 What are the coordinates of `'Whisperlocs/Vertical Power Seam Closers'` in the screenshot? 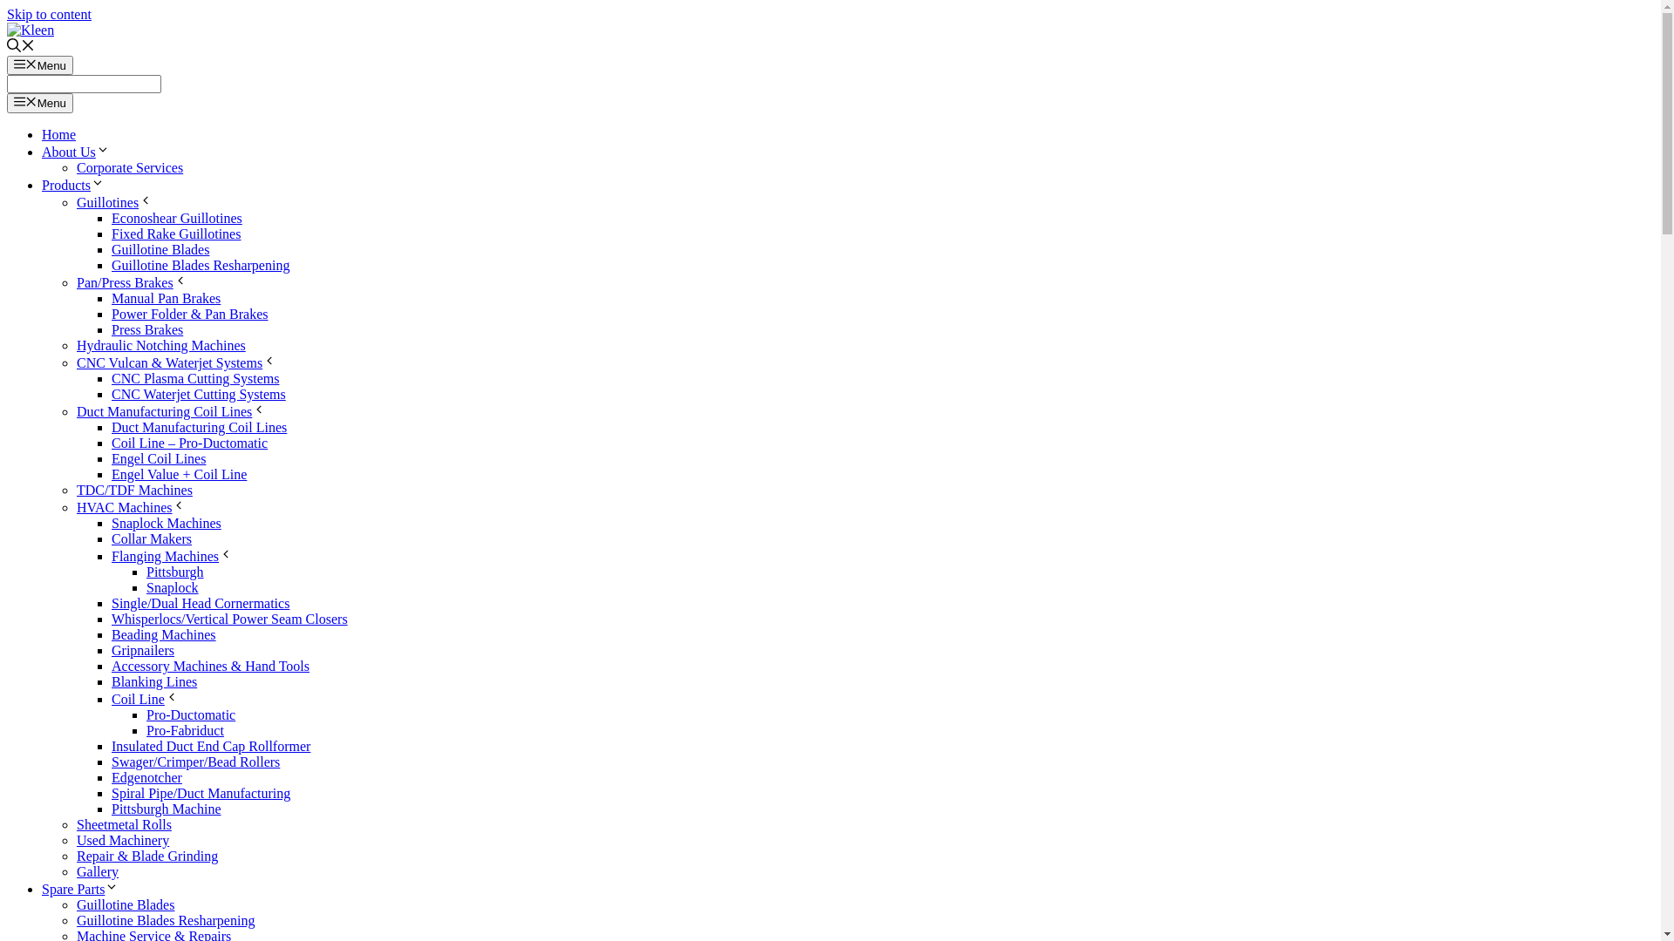 It's located at (228, 618).